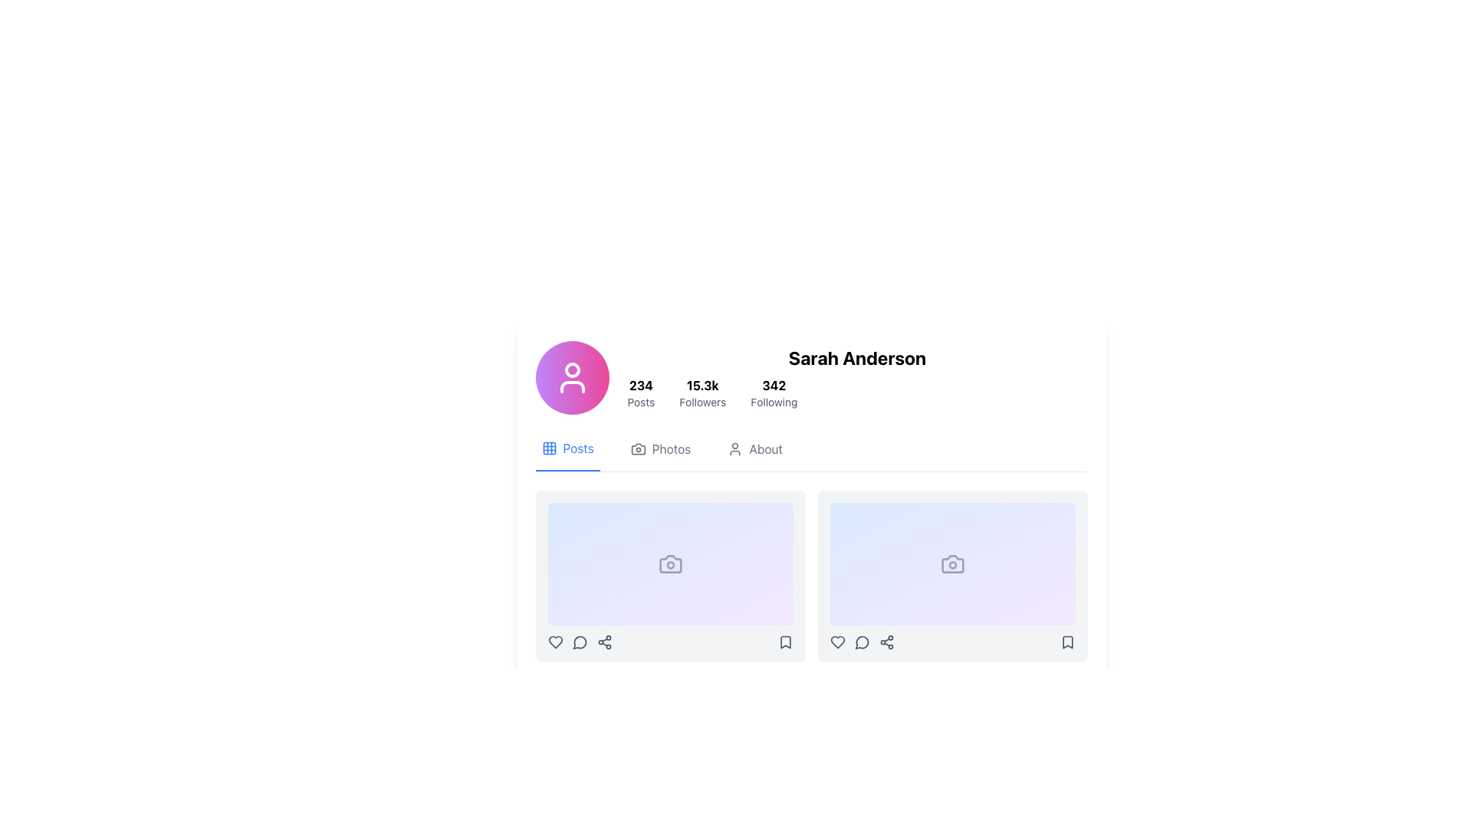  I want to click on the active 'Posts' tab in the navigation bar, so click(810, 455).